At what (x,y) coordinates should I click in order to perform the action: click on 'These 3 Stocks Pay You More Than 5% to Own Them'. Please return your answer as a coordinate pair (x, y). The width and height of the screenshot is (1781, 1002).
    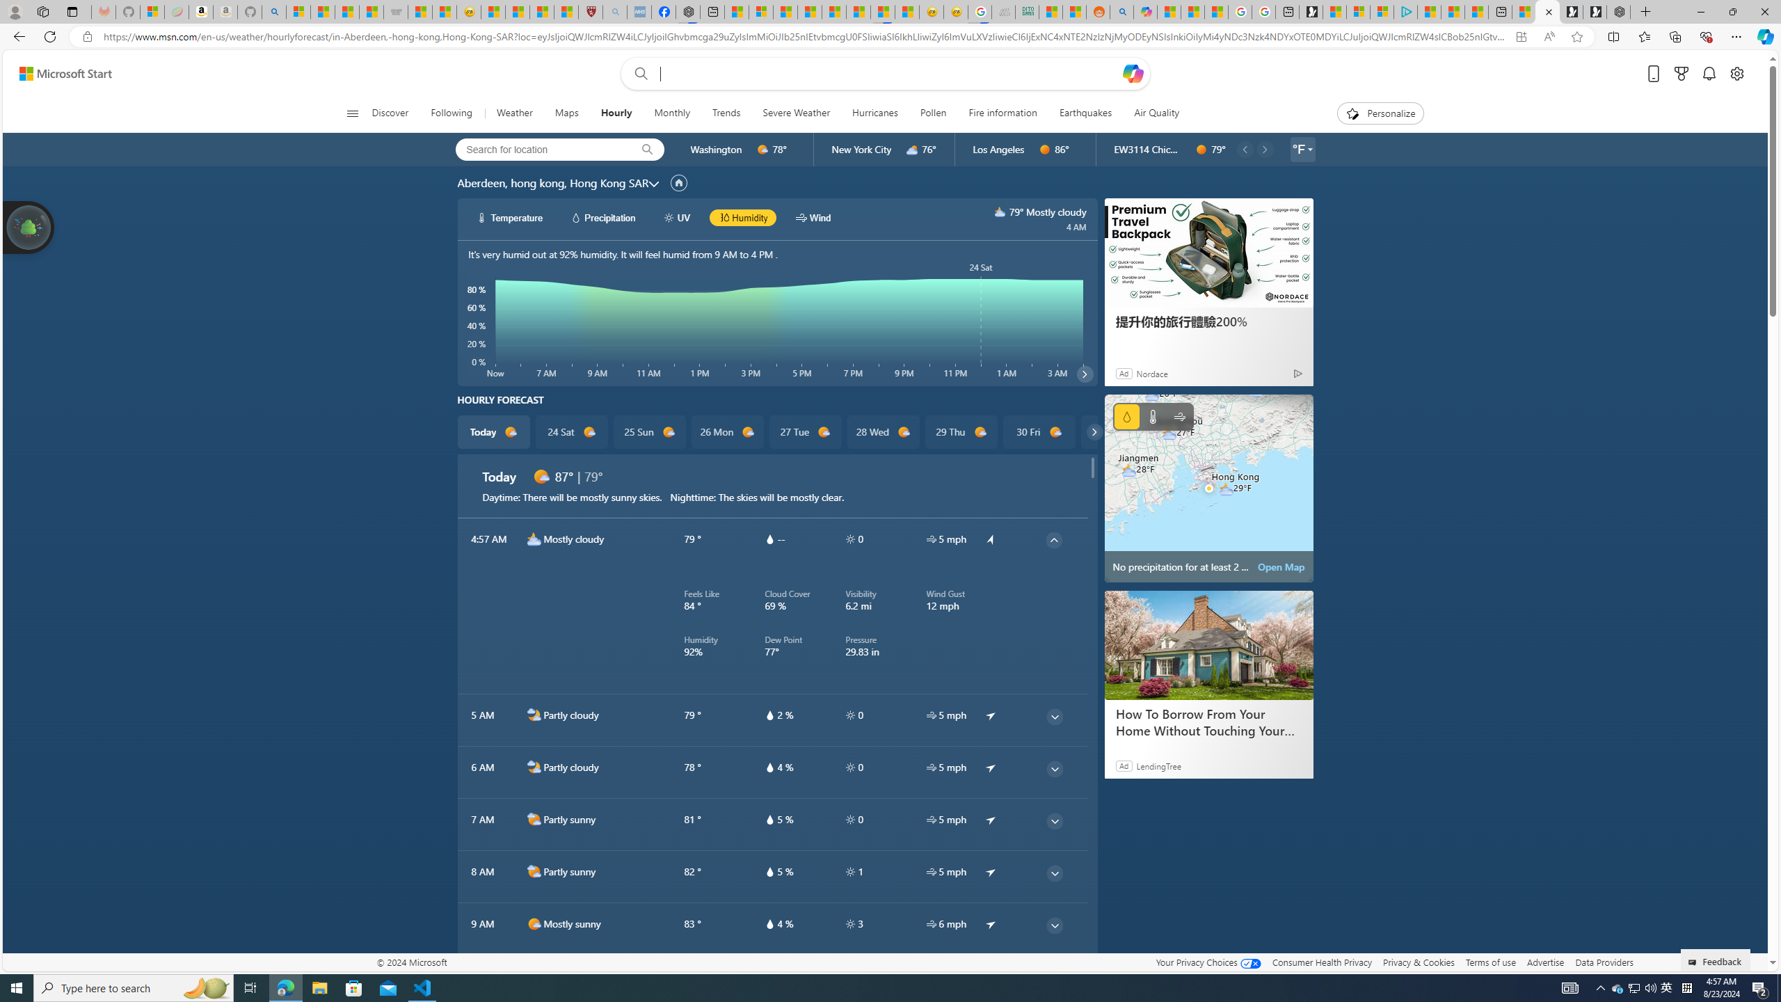
    Looking at the image, I should click on (1476, 11).